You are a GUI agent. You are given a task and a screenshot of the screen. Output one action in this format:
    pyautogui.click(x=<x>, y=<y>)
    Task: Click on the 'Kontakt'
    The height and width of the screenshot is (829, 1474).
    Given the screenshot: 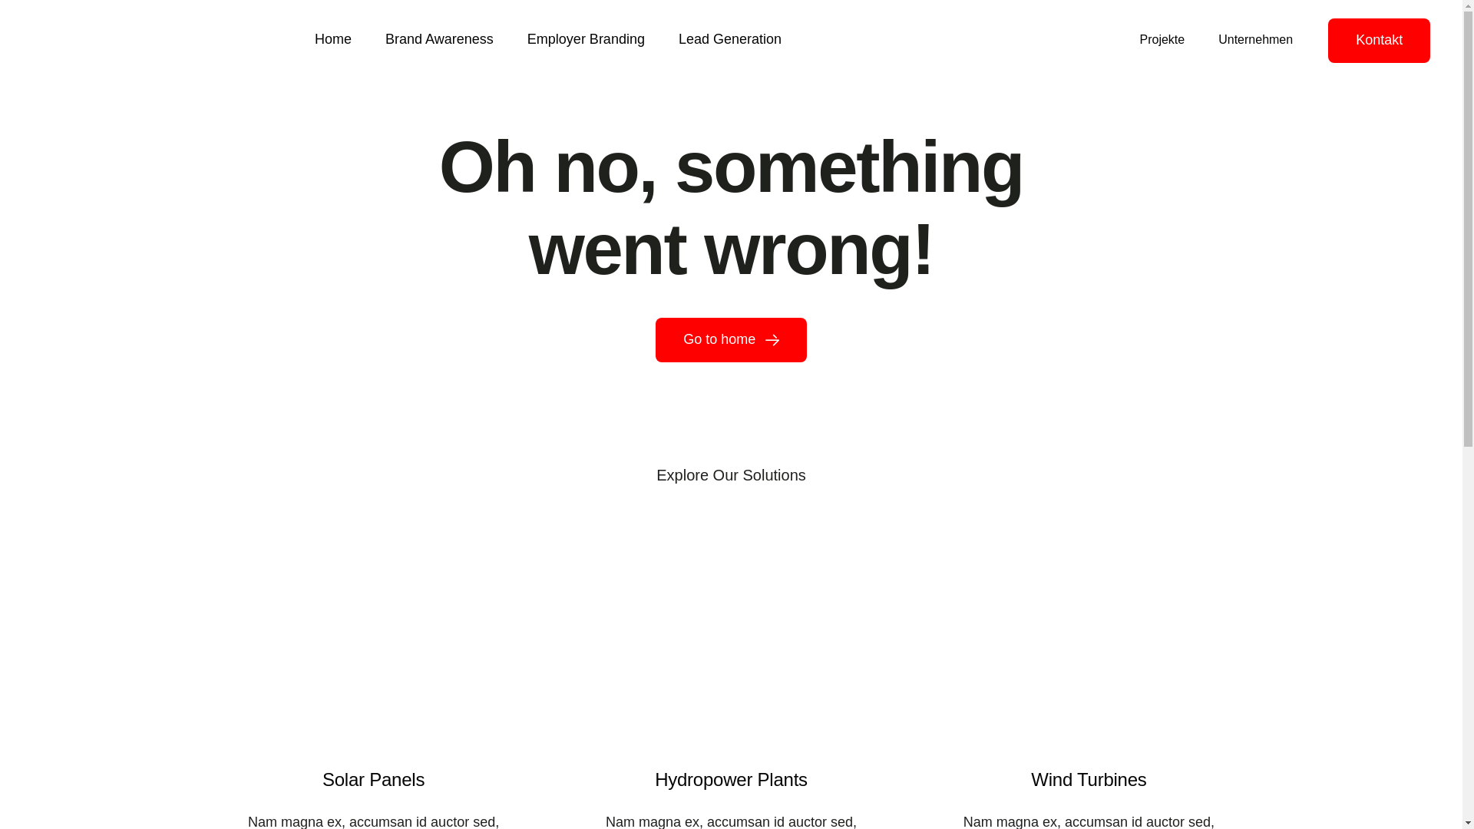 What is the action you would take?
    pyautogui.click(x=1379, y=40)
    